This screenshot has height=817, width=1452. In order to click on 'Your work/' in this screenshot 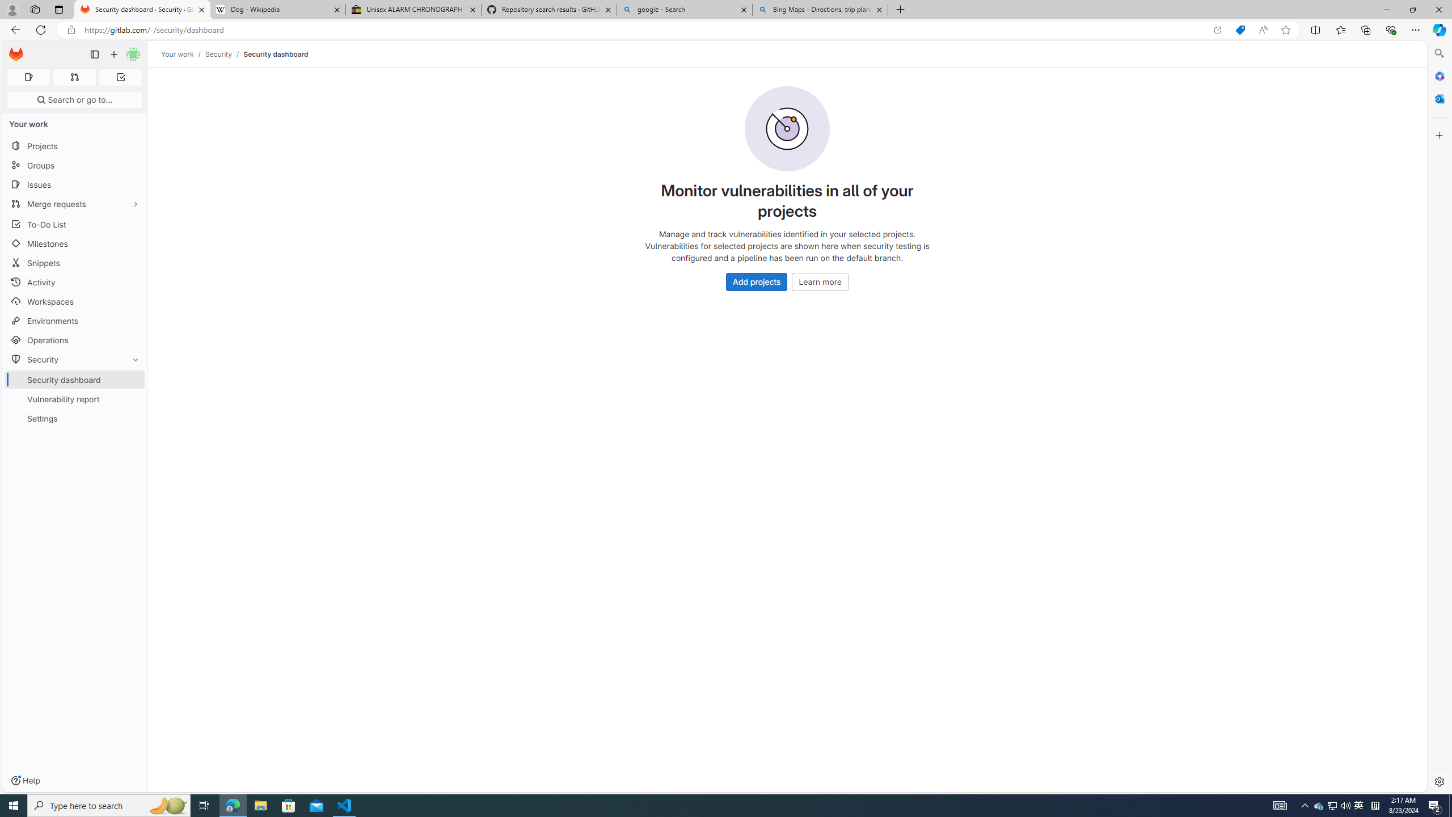, I will do `click(183, 54)`.